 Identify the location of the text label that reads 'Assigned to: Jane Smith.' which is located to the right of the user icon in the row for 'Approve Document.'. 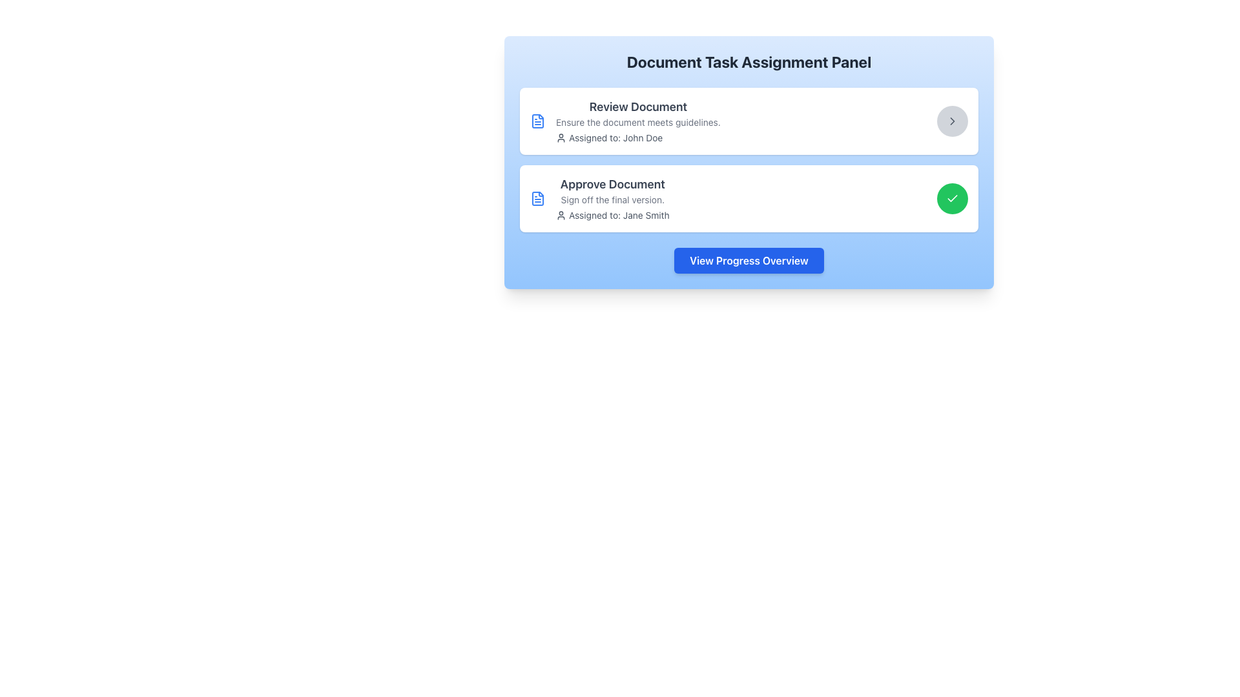
(618, 215).